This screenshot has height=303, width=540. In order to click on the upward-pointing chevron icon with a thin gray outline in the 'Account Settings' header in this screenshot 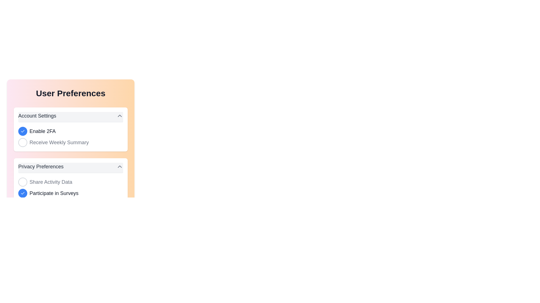, I will do `click(120, 115)`.